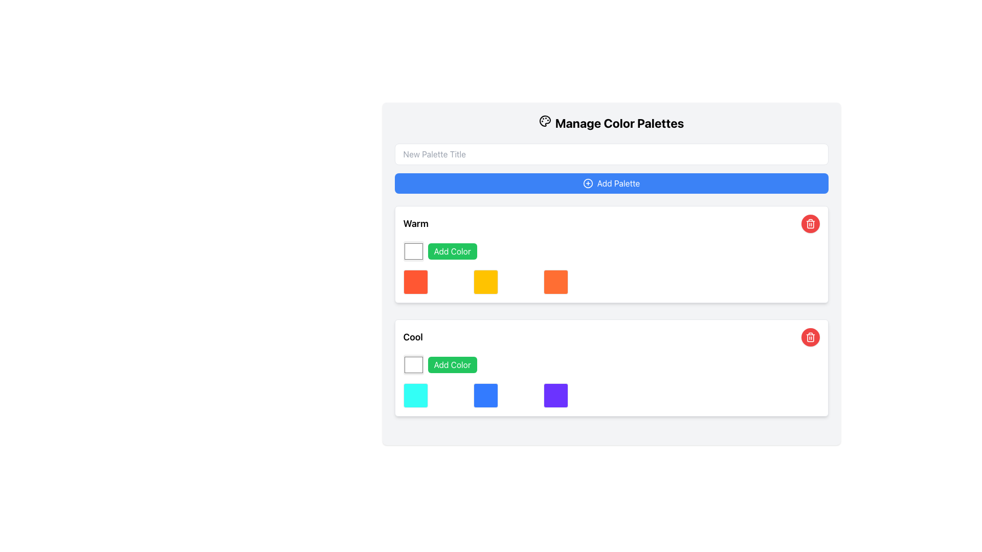 The height and width of the screenshot is (552, 982). Describe the element at coordinates (588, 182) in the screenshot. I see `the decorative icon graphic element that represents the 'Add Palette' functionality, located centrally within the 'Add Palette' button` at that location.